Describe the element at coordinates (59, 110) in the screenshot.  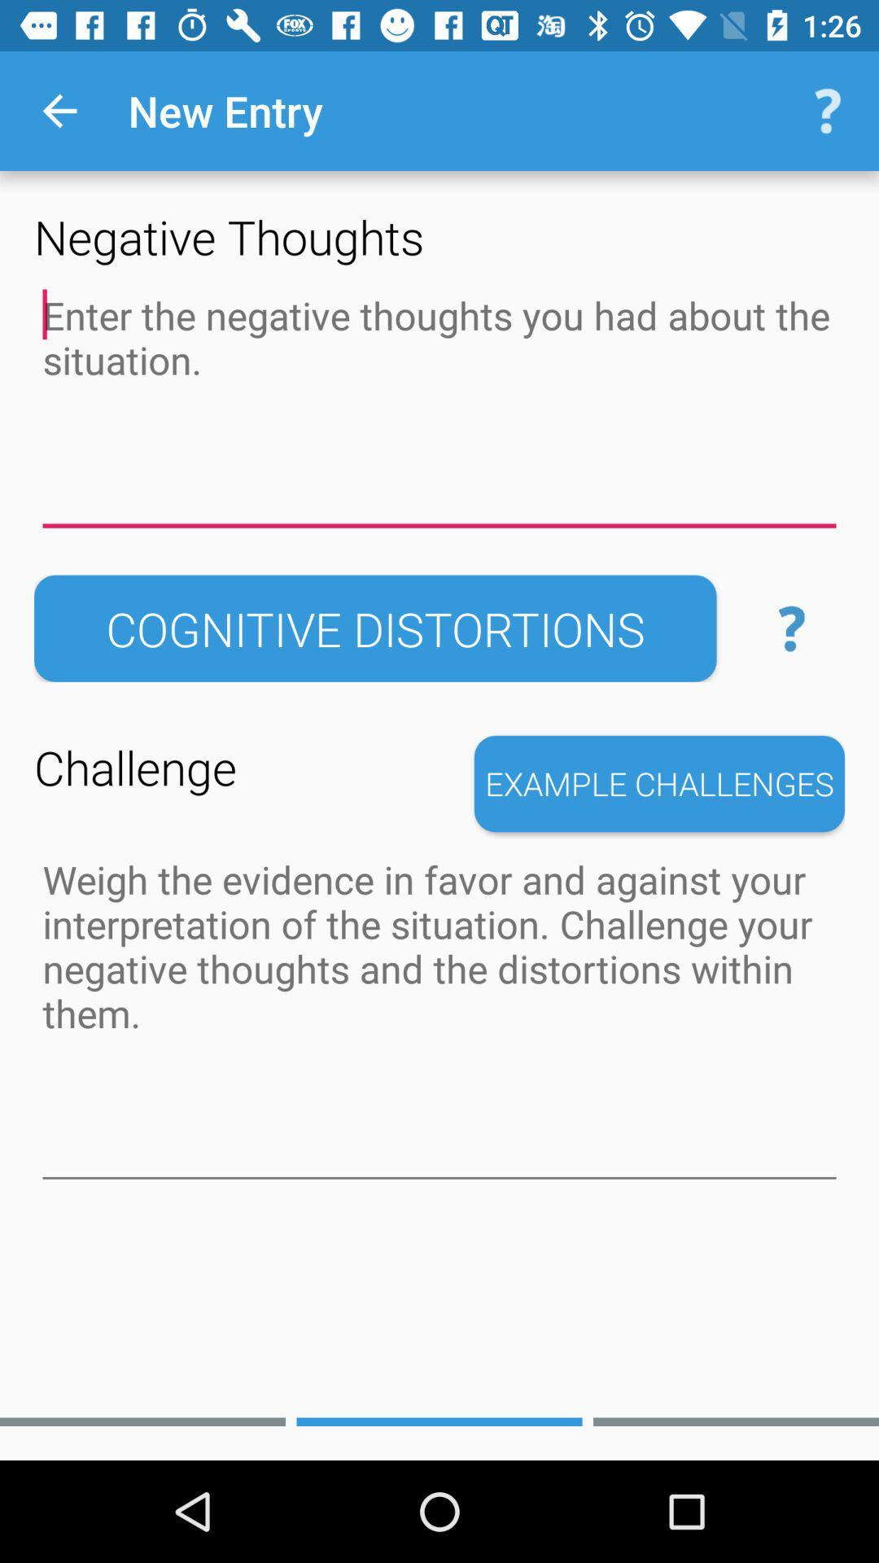
I see `the icon next to new entry` at that location.